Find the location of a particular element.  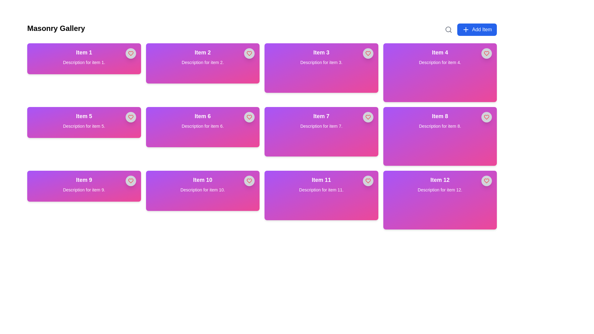

the title of the interactive card that displays an item preview is located at coordinates (202, 63).